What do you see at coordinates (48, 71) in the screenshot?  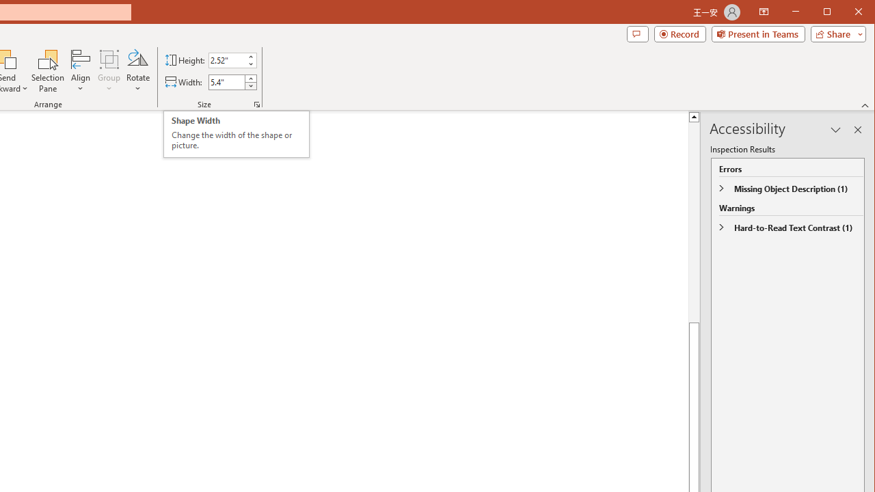 I see `'Selection Pane...'` at bounding box center [48, 71].